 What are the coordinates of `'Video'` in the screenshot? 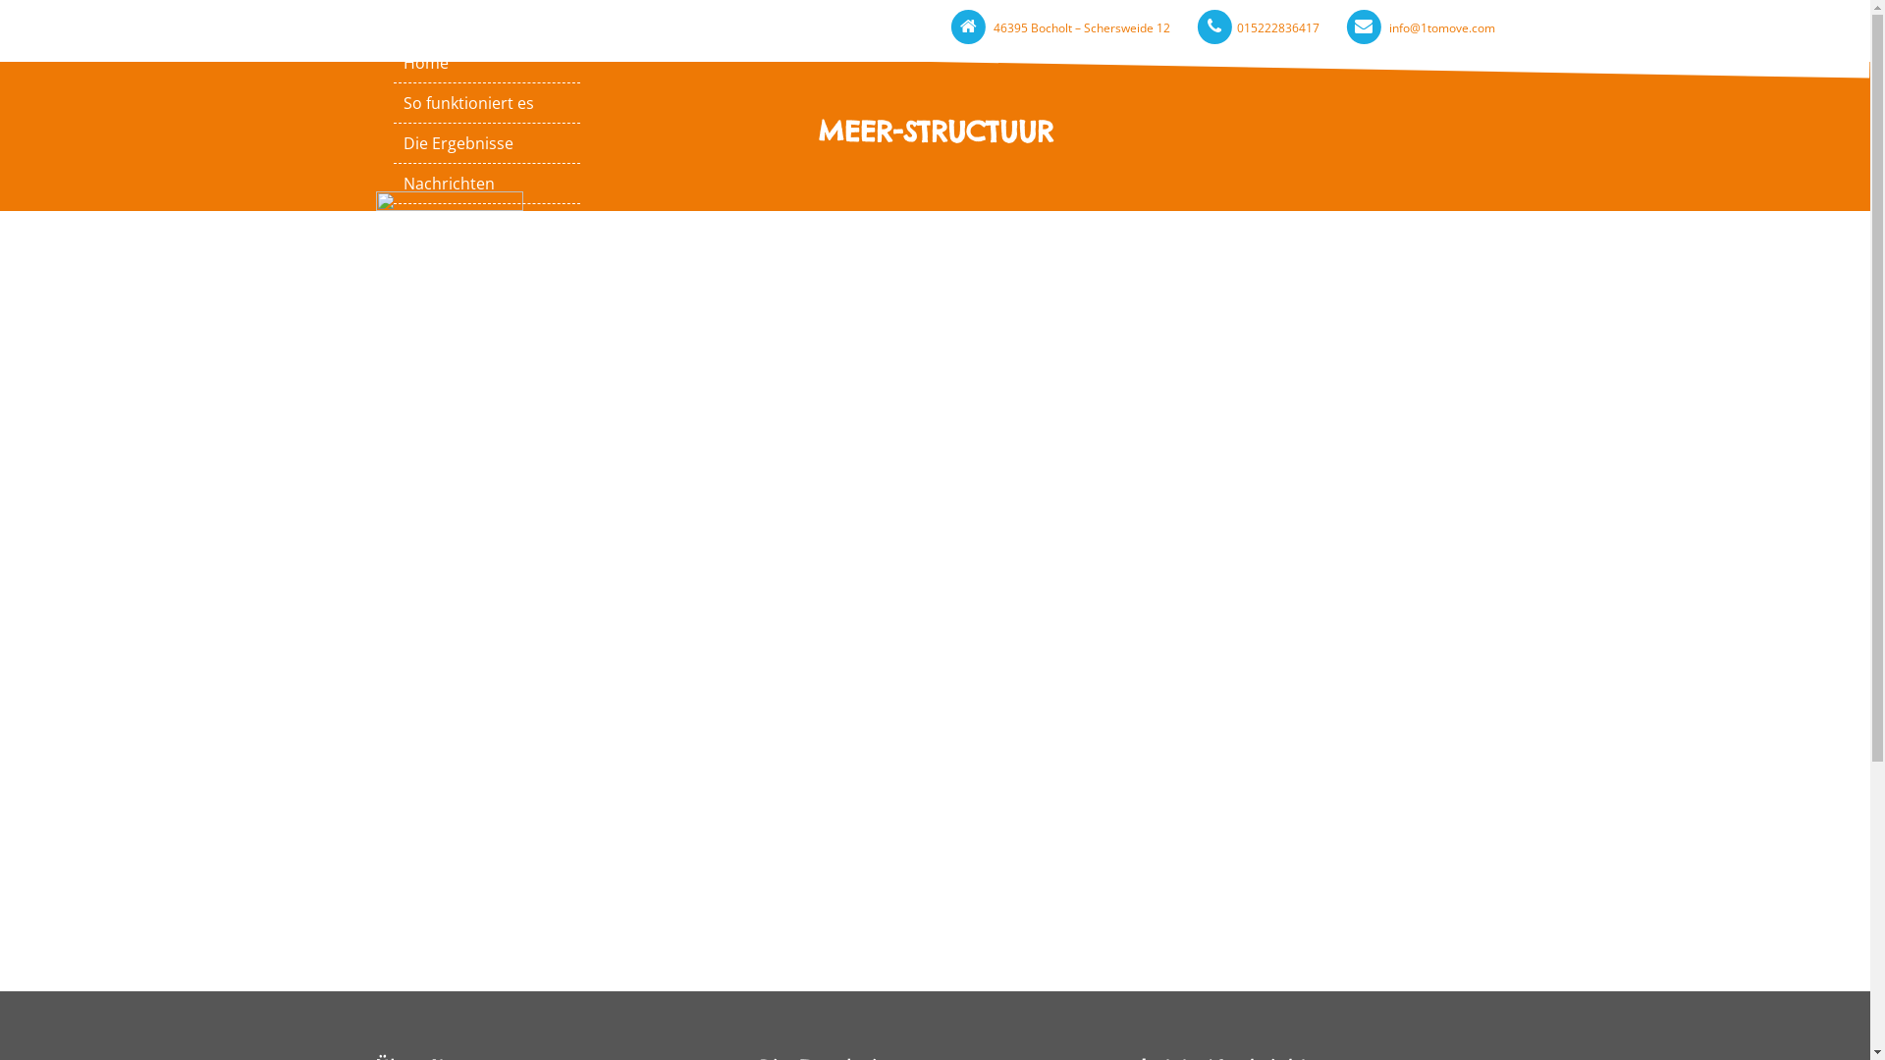 It's located at (486, 263).